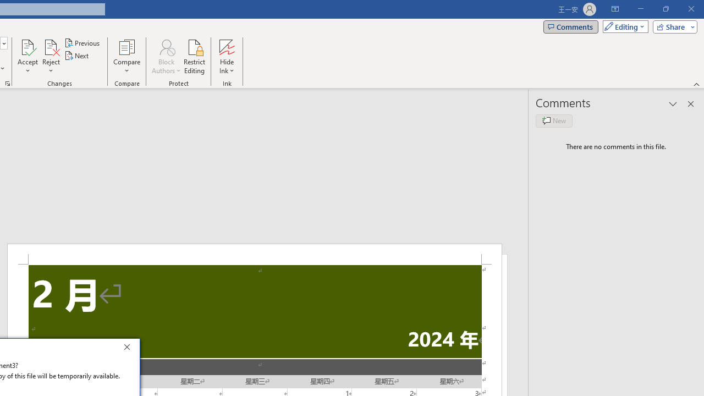 Image resolution: width=704 pixels, height=396 pixels. What do you see at coordinates (76, 56) in the screenshot?
I see `'Next'` at bounding box center [76, 56].